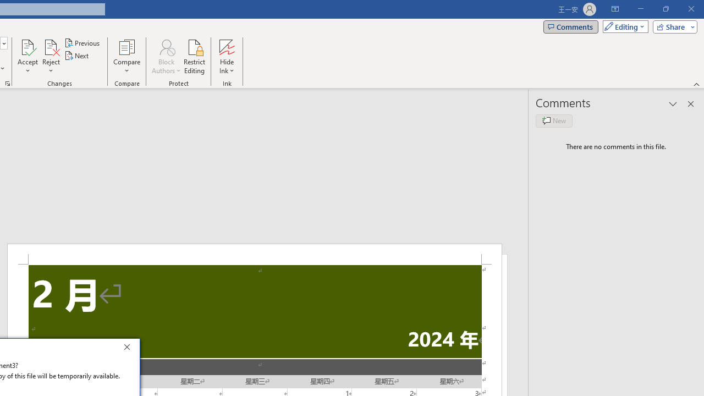 Image resolution: width=704 pixels, height=396 pixels. What do you see at coordinates (76, 56) in the screenshot?
I see `'Next'` at bounding box center [76, 56].